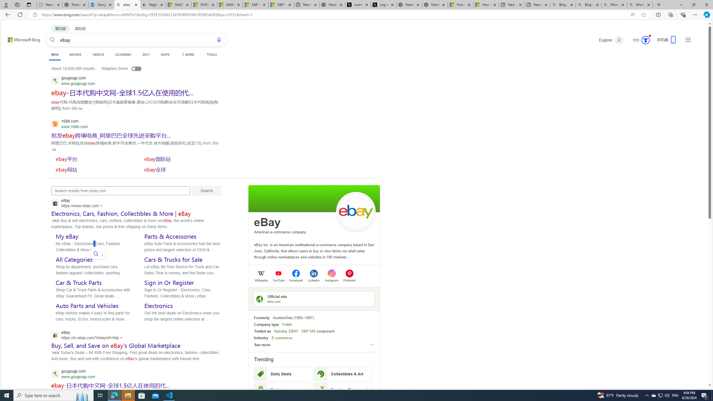 This screenshot has height=401, width=713. What do you see at coordinates (287, 324) in the screenshot?
I see `'Public'` at bounding box center [287, 324].